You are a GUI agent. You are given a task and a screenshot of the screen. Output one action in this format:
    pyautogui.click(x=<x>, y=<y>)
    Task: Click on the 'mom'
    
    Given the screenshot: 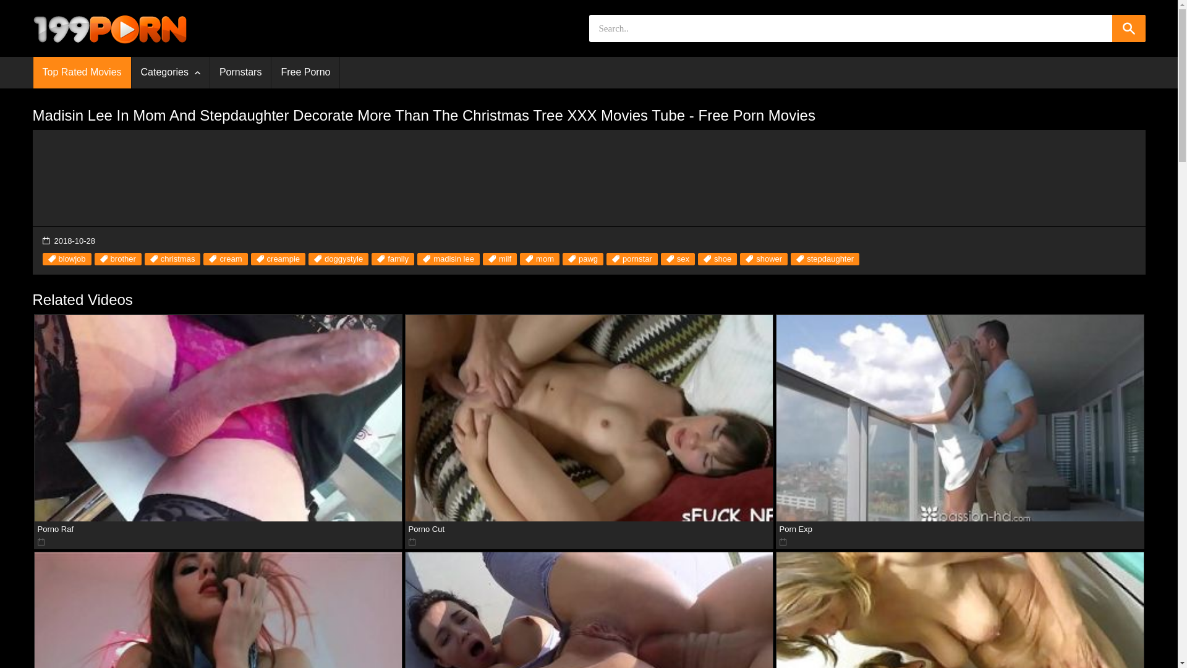 What is the action you would take?
    pyautogui.click(x=519, y=259)
    